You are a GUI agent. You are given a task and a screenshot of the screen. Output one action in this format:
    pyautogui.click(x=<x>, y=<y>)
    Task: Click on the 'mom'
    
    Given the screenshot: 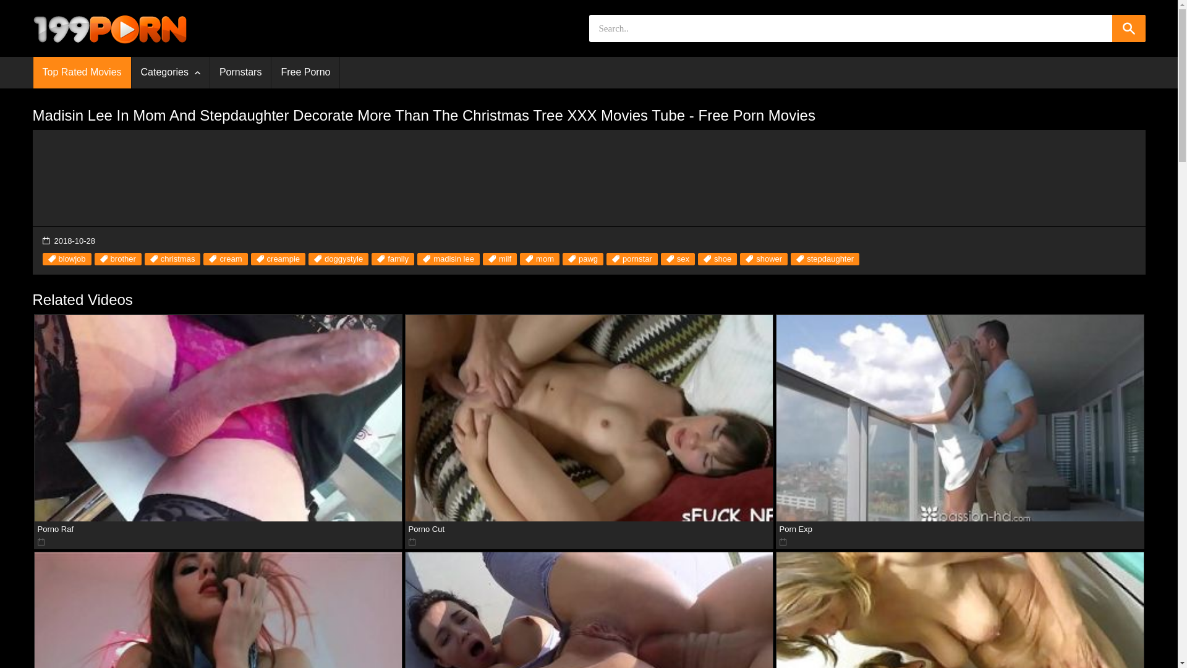 What is the action you would take?
    pyautogui.click(x=519, y=259)
    